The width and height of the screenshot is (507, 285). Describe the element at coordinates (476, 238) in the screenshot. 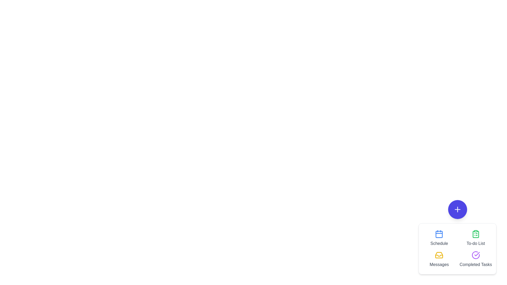

I see `the 'To-do List' button in the speed dial menu` at that location.